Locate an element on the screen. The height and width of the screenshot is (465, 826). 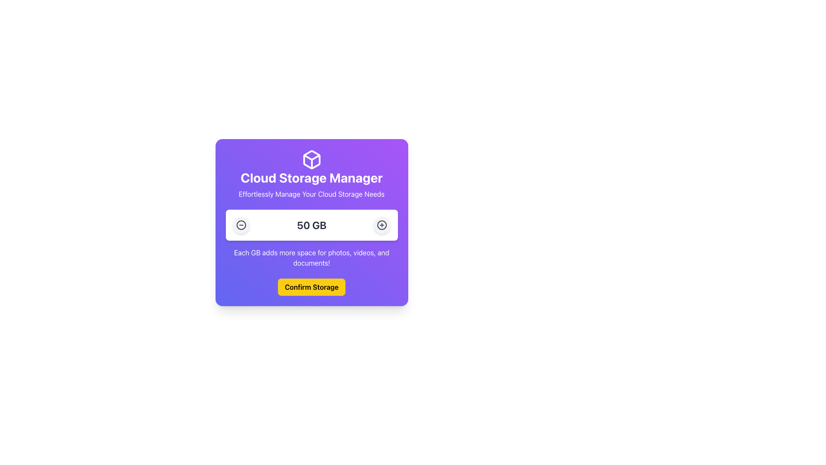
the selection and display panel with the numerical text '50 GB', which is located at the center of the 'Cloud Storage Manager' card is located at coordinates (311, 225).